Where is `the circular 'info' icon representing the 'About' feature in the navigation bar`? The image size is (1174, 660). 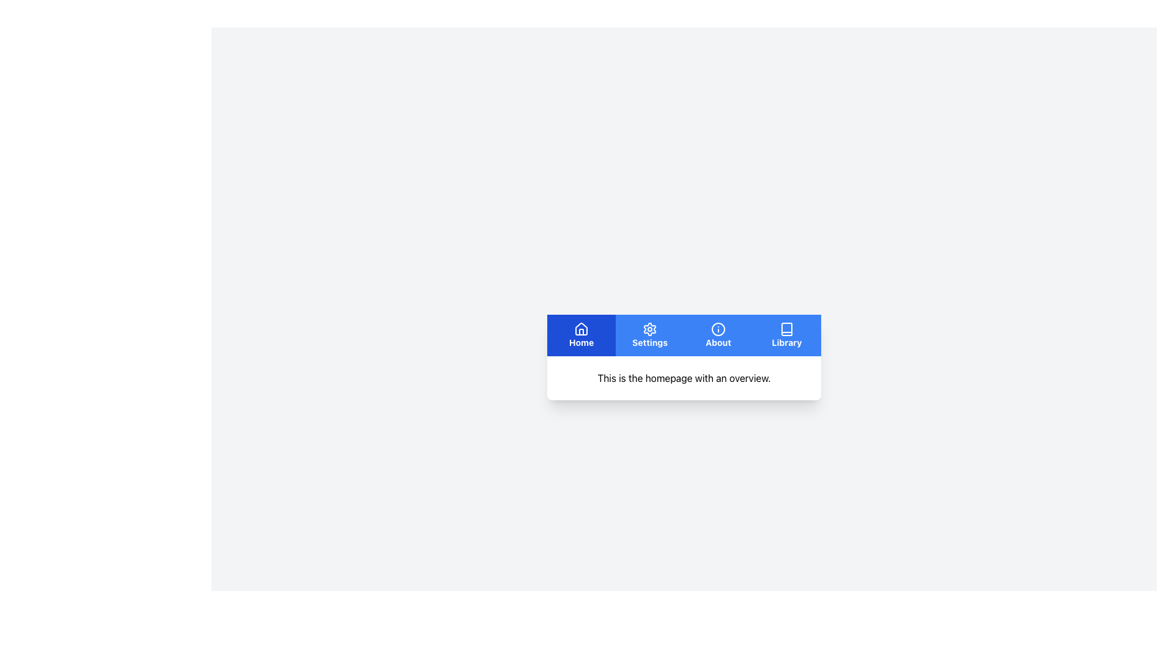
the circular 'info' icon representing the 'About' feature in the navigation bar is located at coordinates (718, 329).